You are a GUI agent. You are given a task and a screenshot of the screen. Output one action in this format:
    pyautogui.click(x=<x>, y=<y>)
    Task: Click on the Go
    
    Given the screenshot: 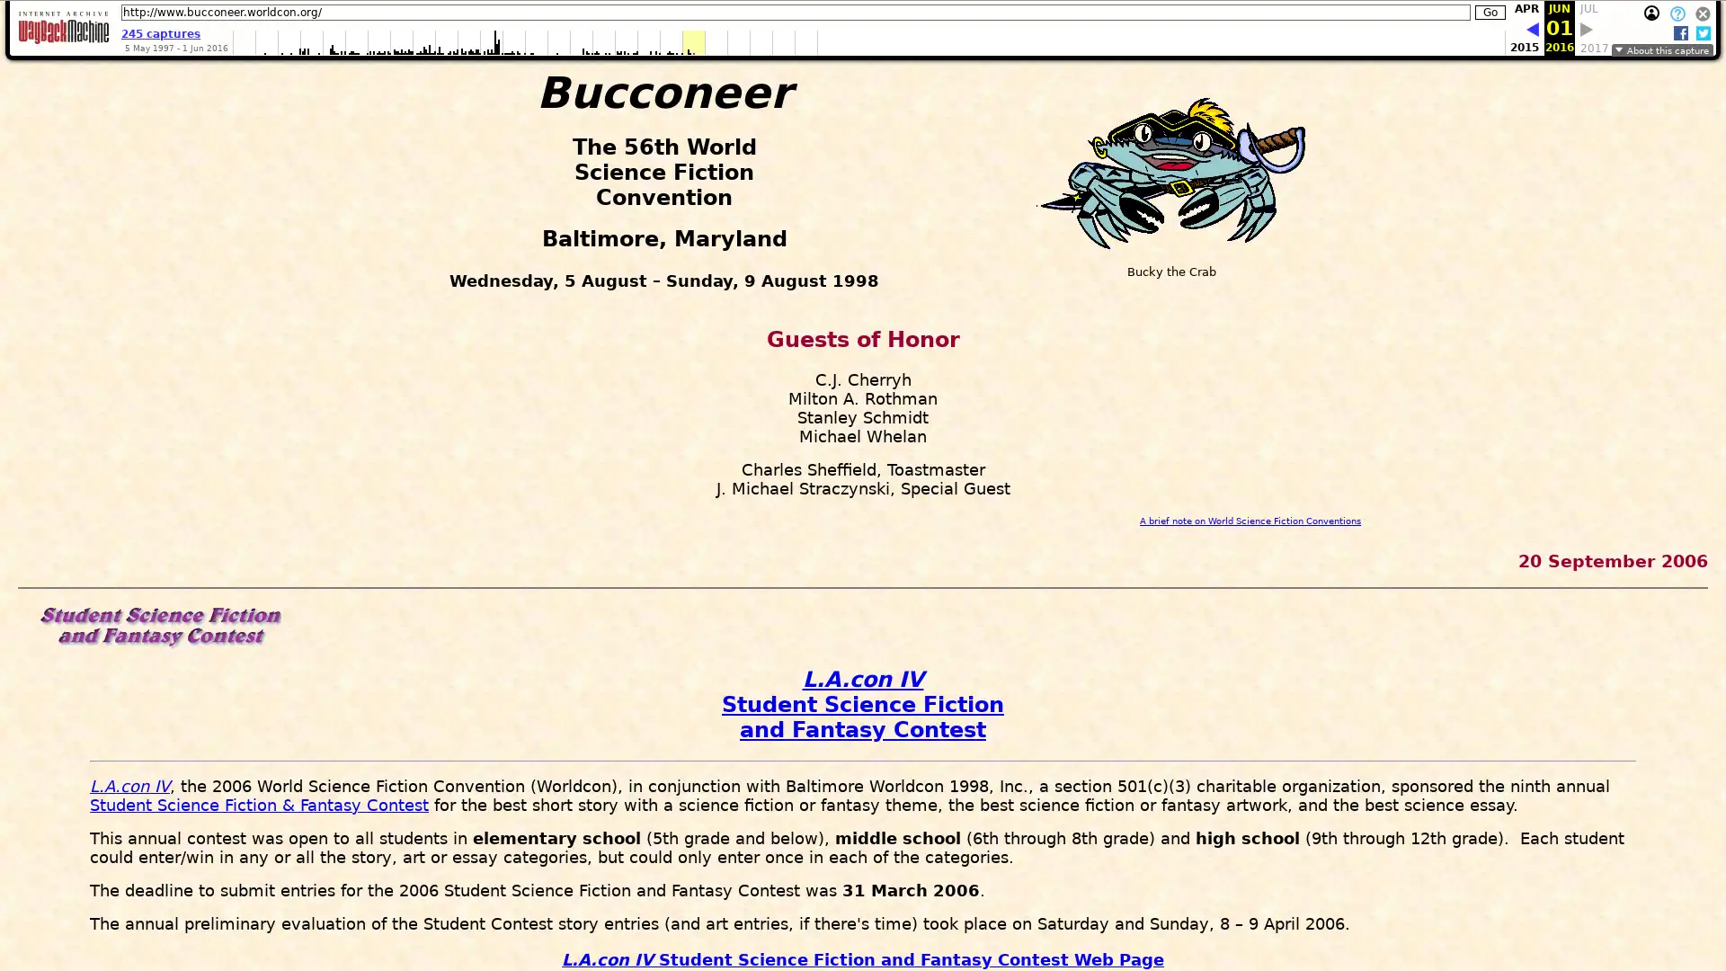 What is the action you would take?
    pyautogui.click(x=1490, y=13)
    